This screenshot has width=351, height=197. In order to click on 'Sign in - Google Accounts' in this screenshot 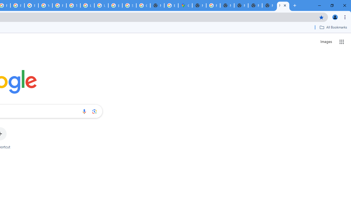, I will do `click(129, 5)`.